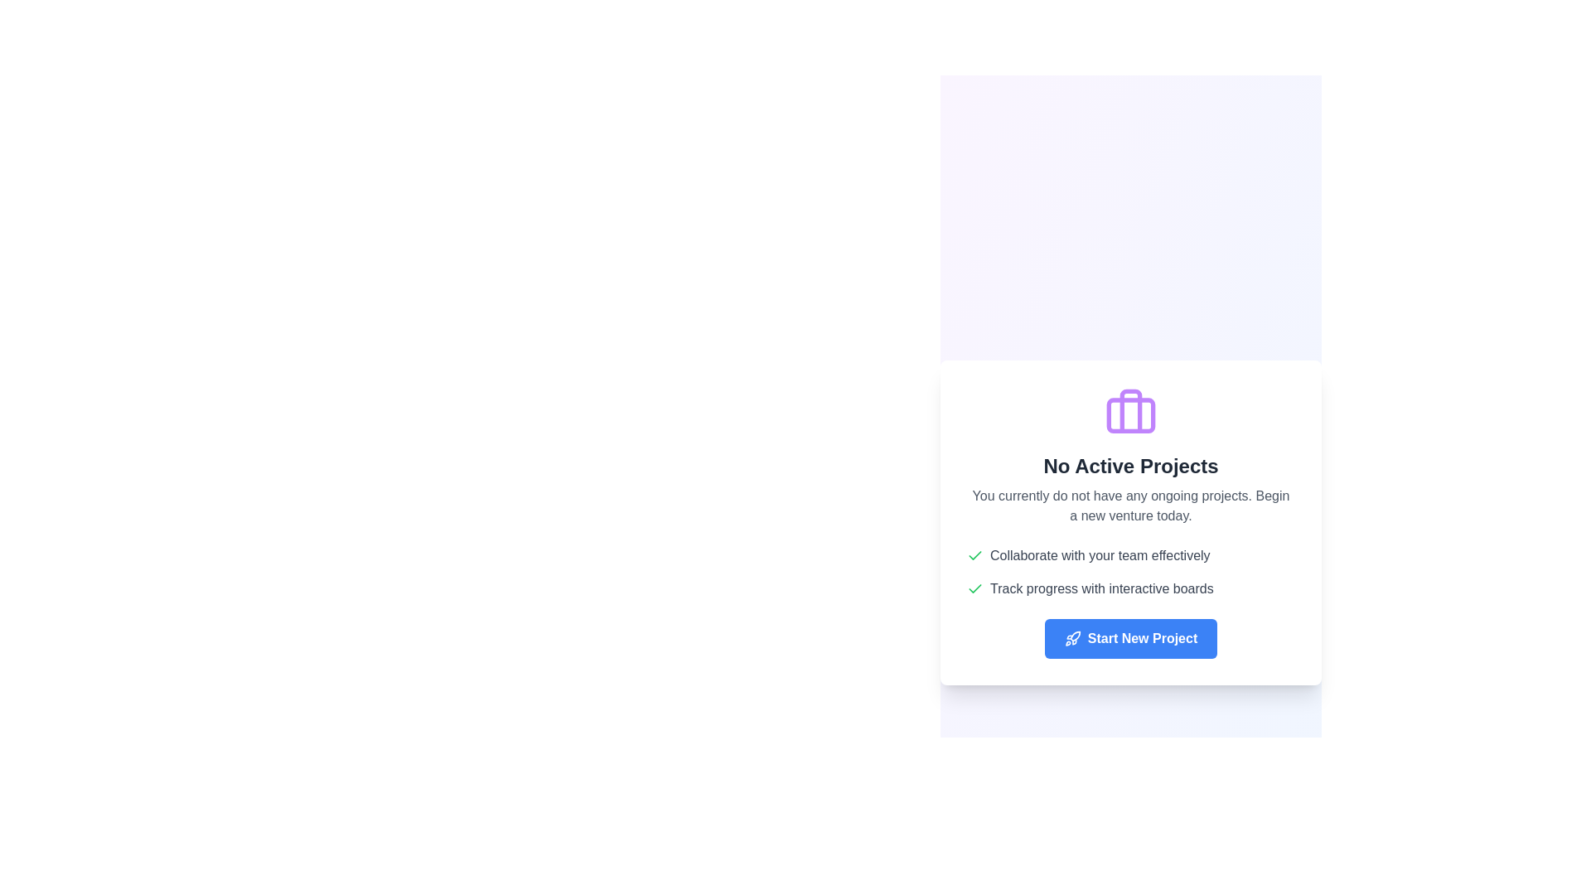 This screenshot has height=895, width=1591. Describe the element at coordinates (974, 555) in the screenshot. I see `the checkmark icon with a green stroke located near the text 'Track progress with interactive boards'` at that location.